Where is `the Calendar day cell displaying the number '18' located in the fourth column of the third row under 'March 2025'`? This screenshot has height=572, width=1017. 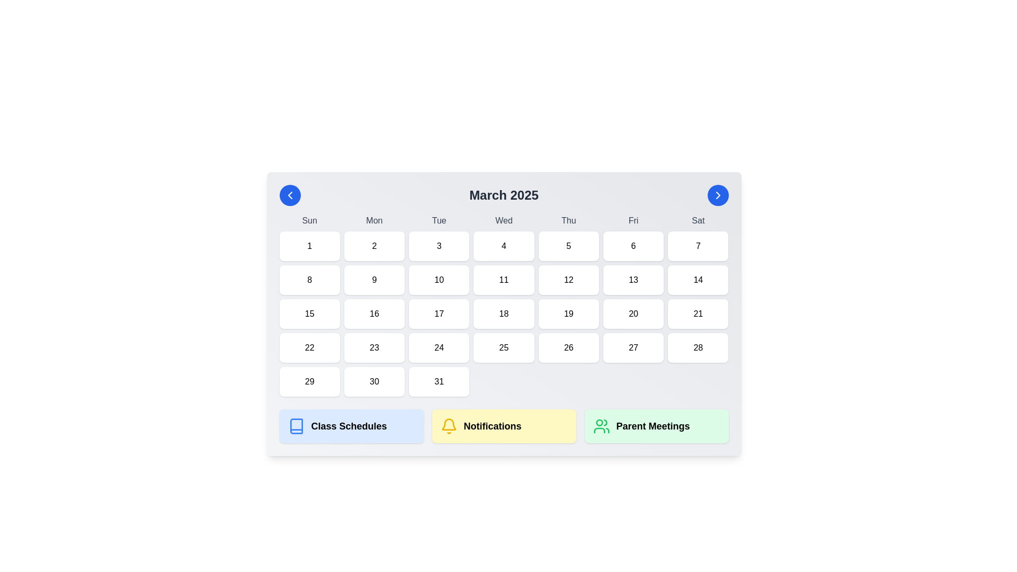
the Calendar day cell displaying the number '18' located in the fourth column of the third row under 'March 2025' is located at coordinates (503, 314).